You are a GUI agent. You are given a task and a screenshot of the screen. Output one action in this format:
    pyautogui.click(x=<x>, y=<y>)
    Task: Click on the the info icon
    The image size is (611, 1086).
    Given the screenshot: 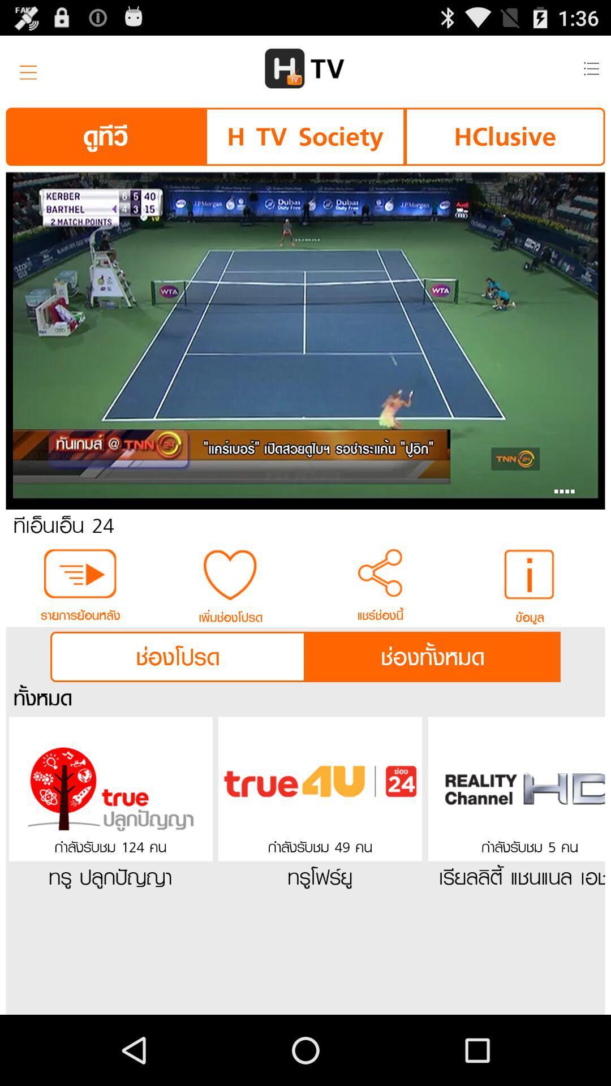 What is the action you would take?
    pyautogui.click(x=530, y=614)
    